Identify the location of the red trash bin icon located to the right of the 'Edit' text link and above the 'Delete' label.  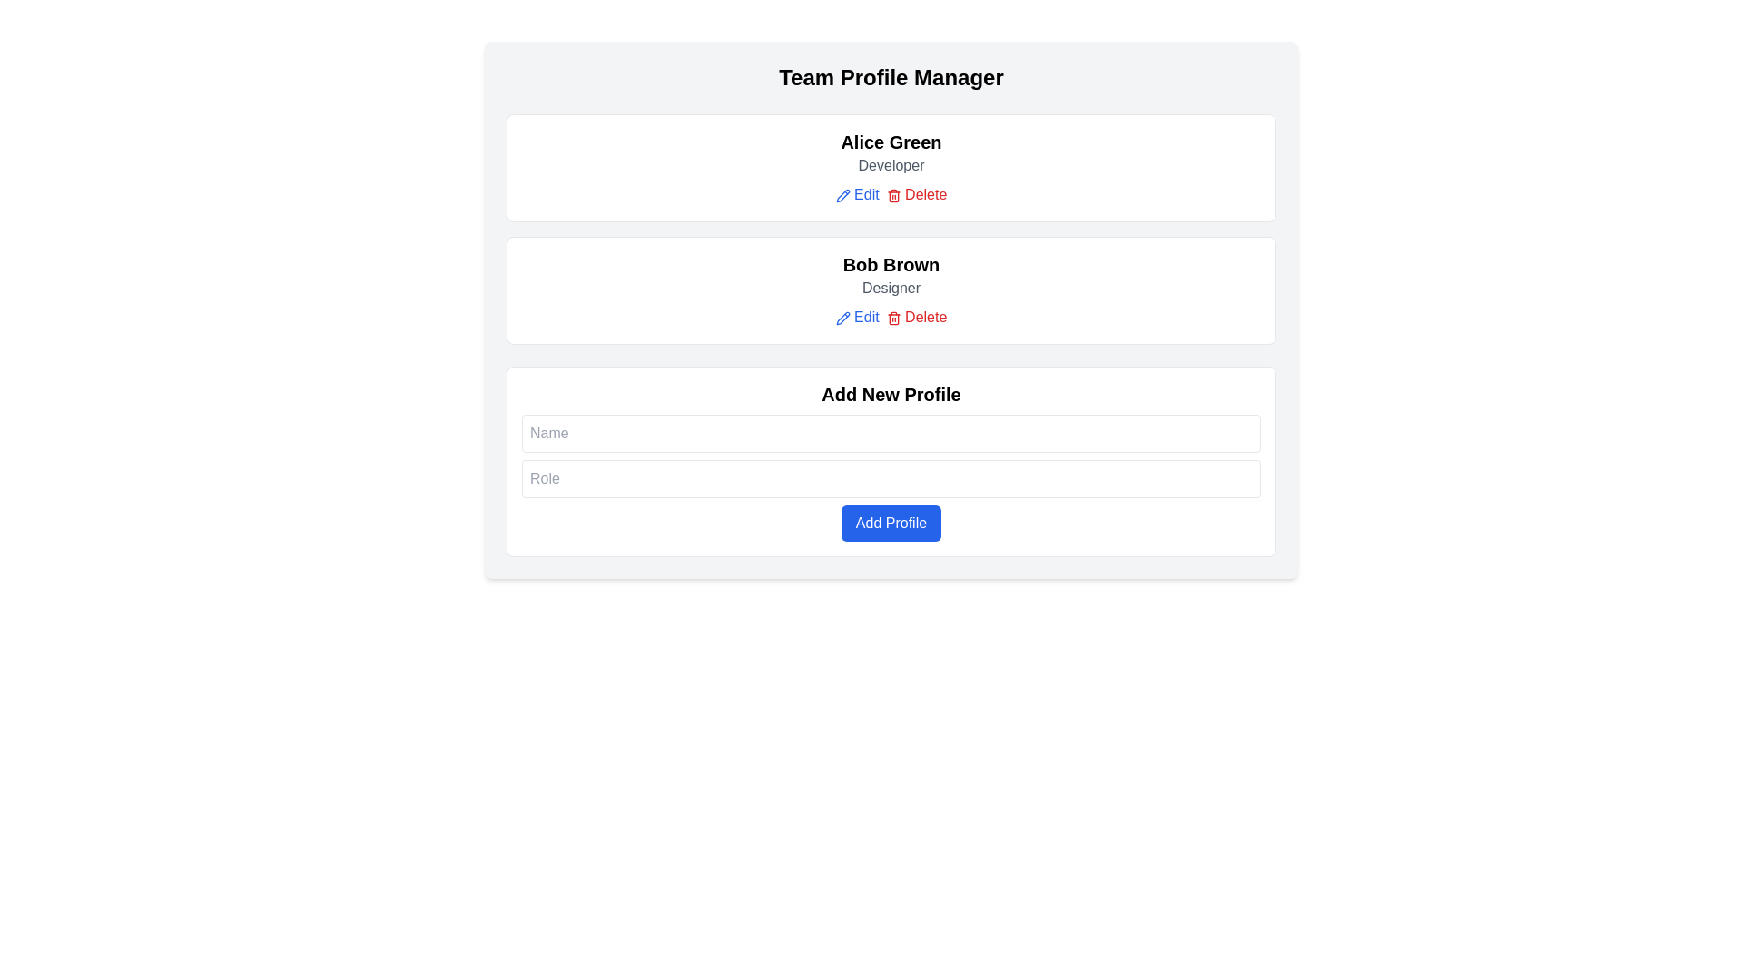
(893, 317).